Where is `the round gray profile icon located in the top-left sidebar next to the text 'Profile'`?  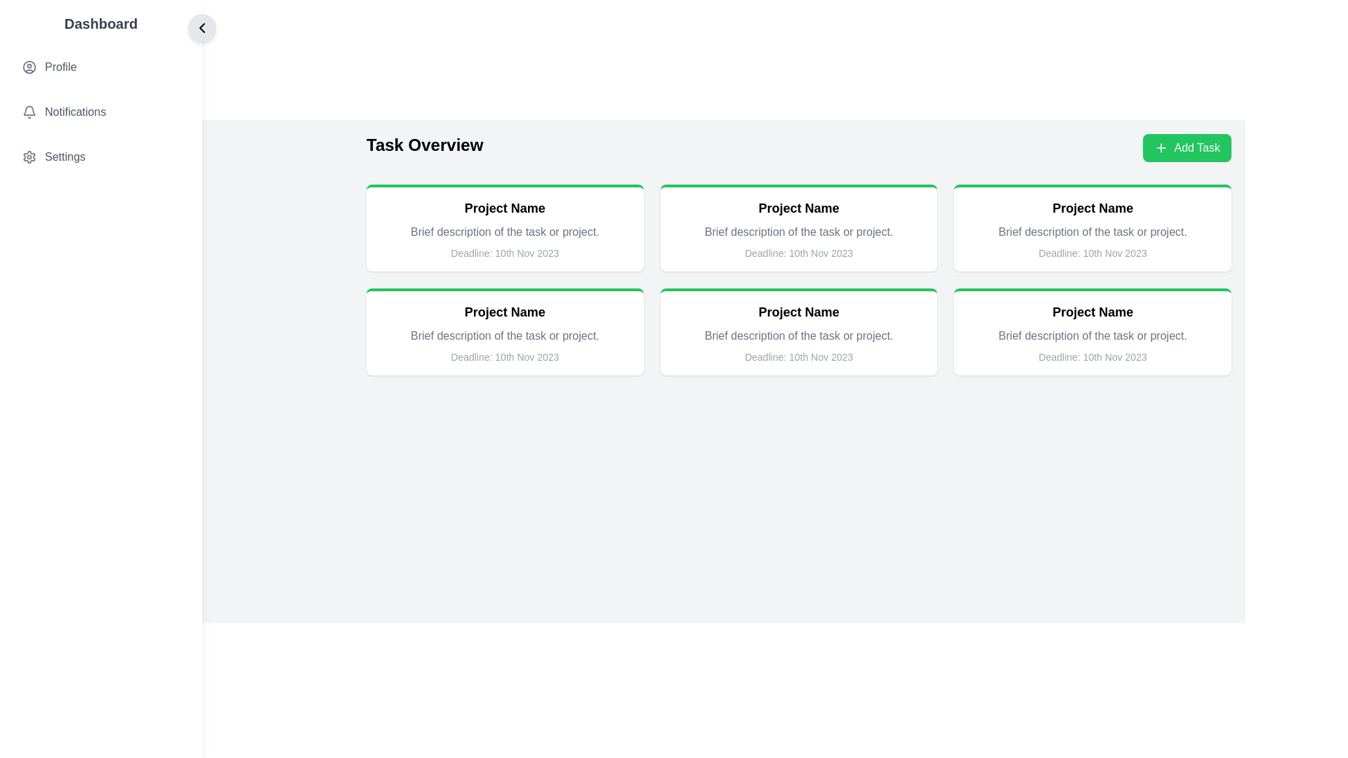
the round gray profile icon located in the top-left sidebar next to the text 'Profile' is located at coordinates (29, 67).